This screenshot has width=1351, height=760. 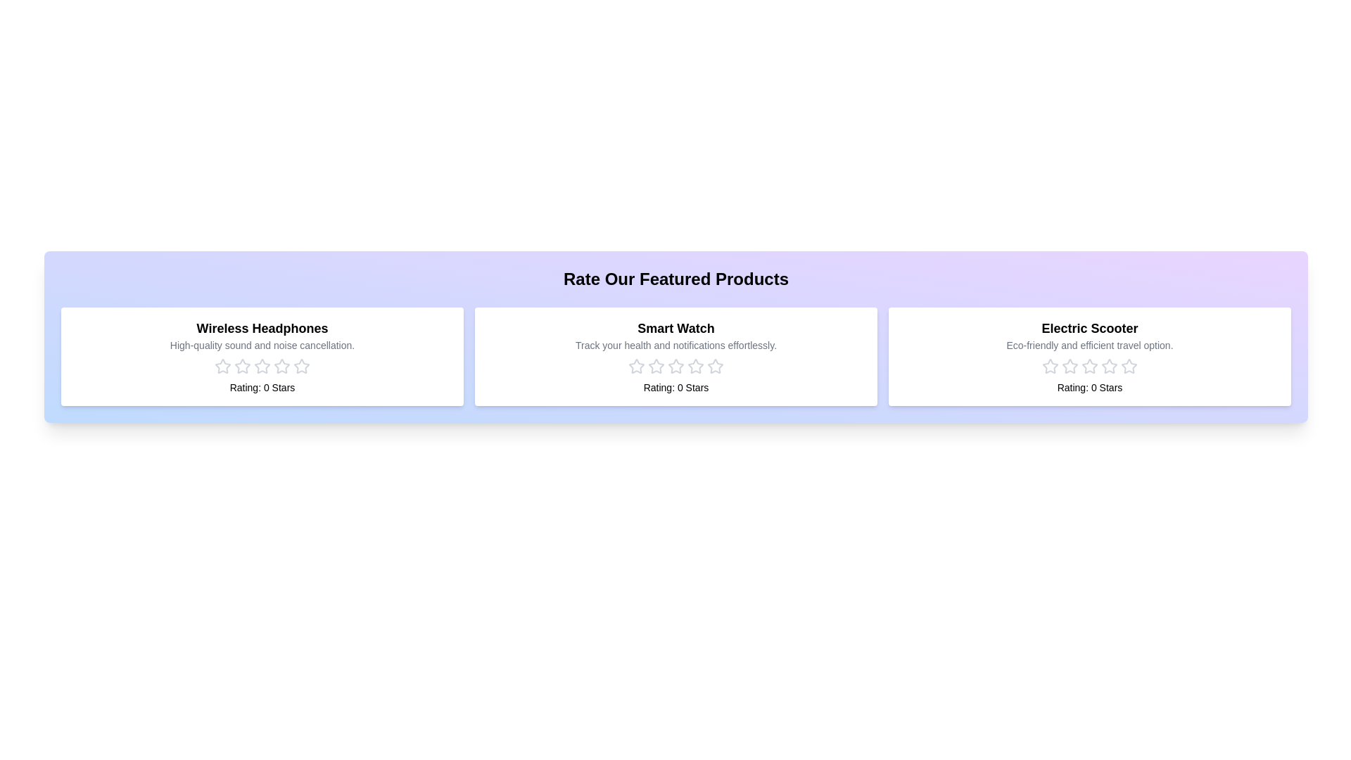 What do you see at coordinates (655, 365) in the screenshot?
I see `the rating for the product 'Smart Watch' to 2 stars by clicking on the corresponding star` at bounding box center [655, 365].